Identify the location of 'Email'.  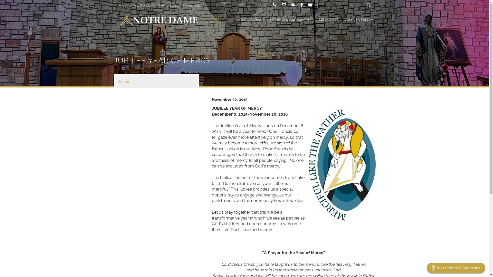
(283, 5).